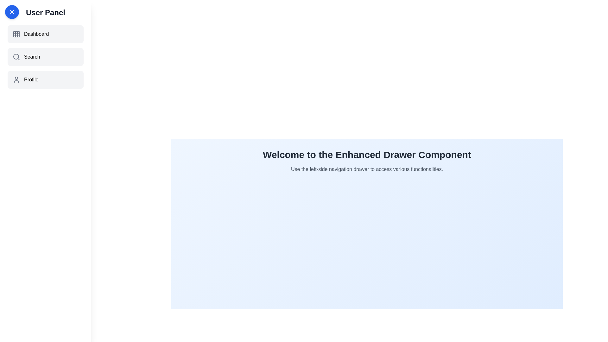  I want to click on the circular blue button with a white cross icon in the top-left corner, so click(12, 12).